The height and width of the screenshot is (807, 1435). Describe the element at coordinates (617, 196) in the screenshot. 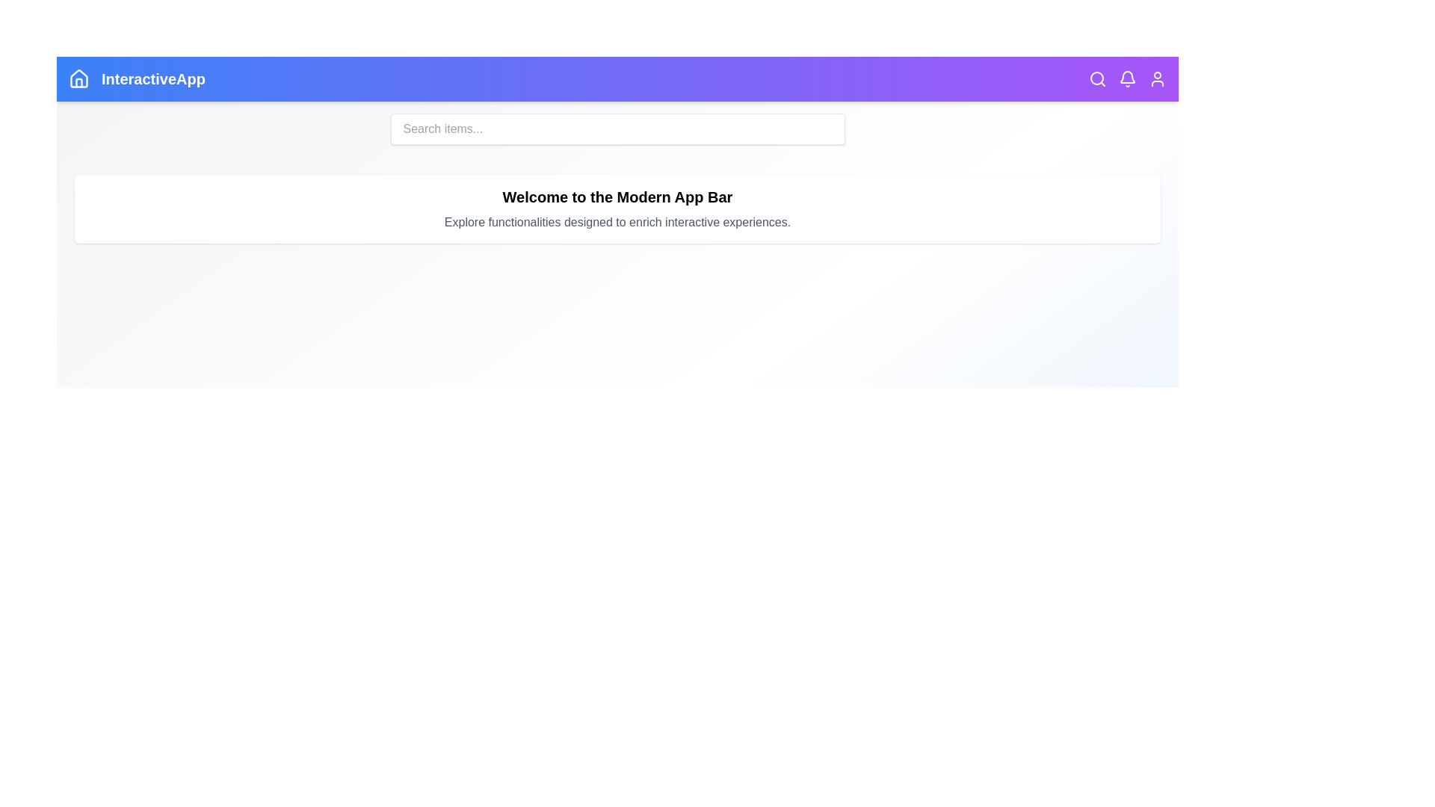

I see `the welcome message to highlight it` at that location.